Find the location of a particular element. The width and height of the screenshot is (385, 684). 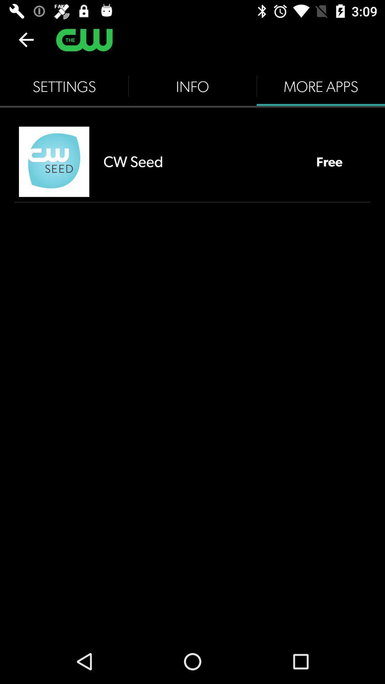

icon next to the free item is located at coordinates (202, 161).